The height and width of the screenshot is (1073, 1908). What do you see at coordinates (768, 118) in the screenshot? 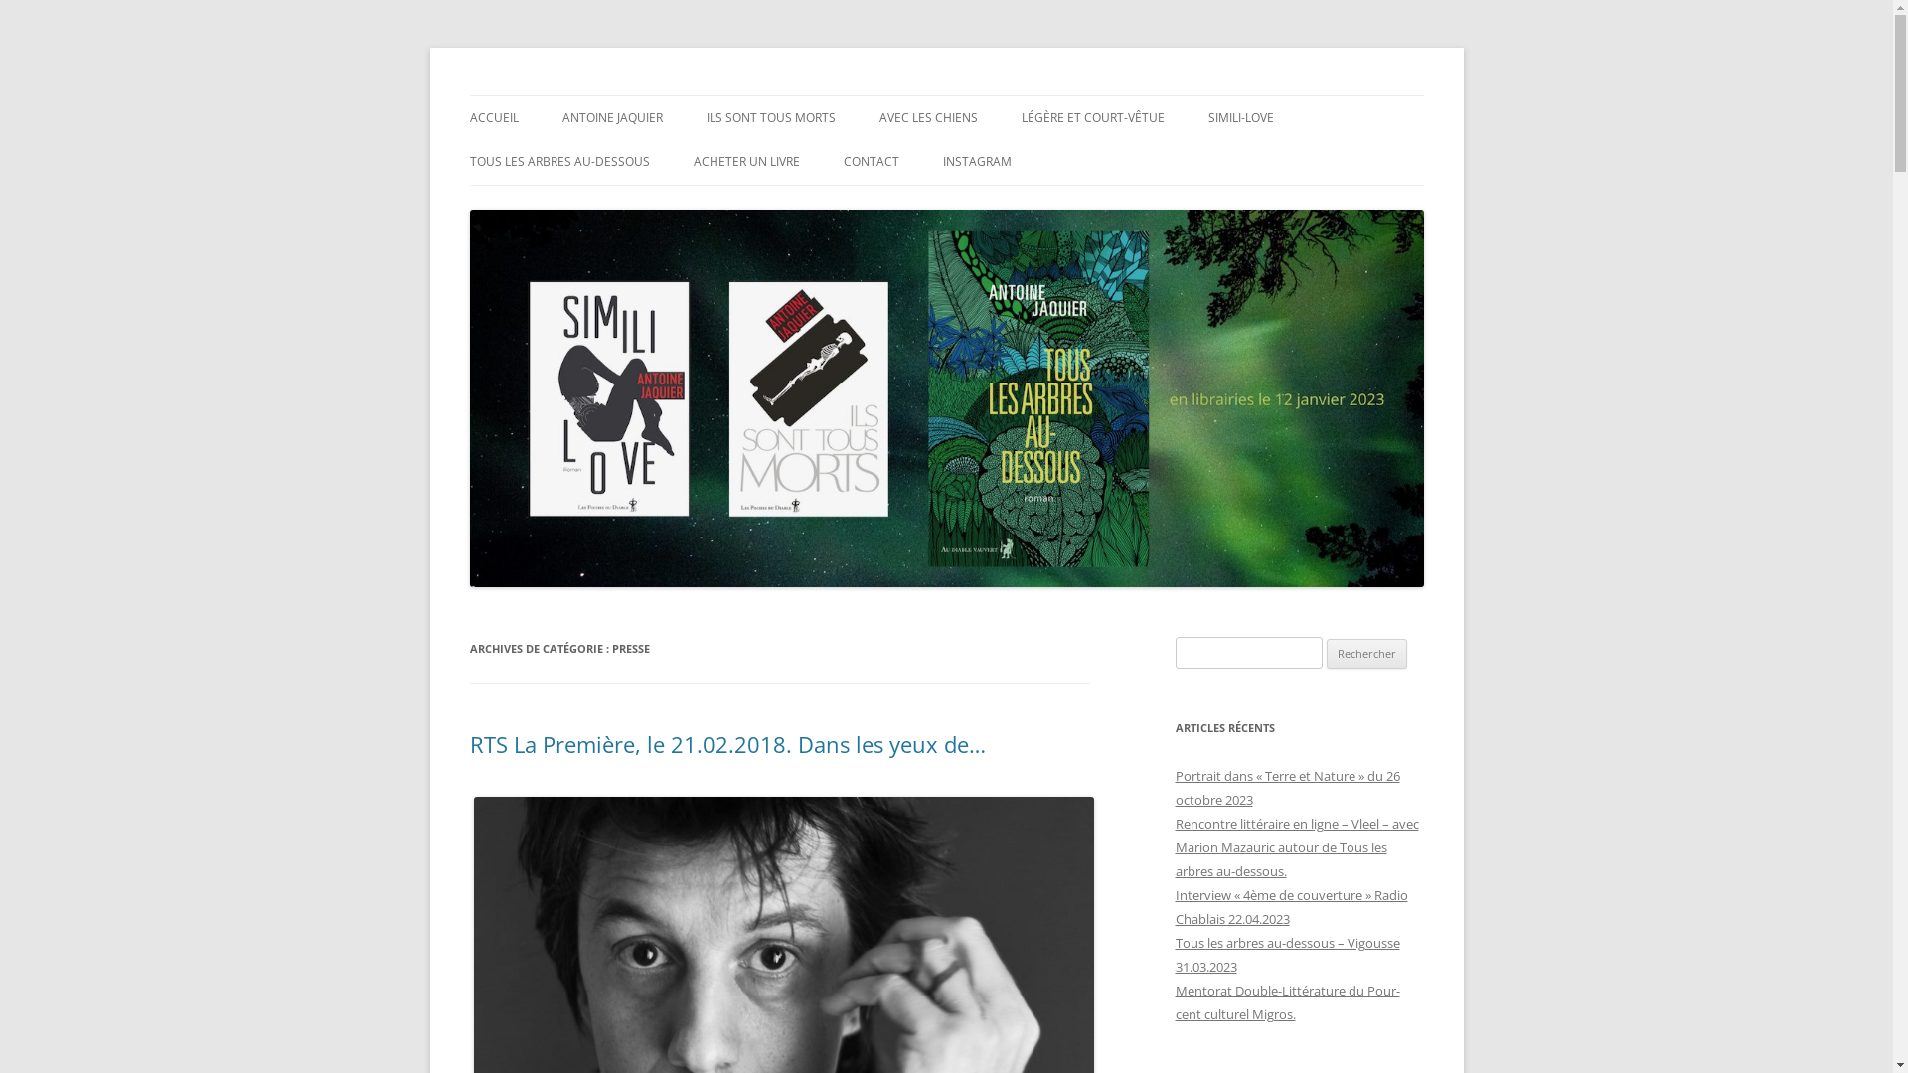
I see `'ILS SONT TOUS MORTS'` at bounding box center [768, 118].